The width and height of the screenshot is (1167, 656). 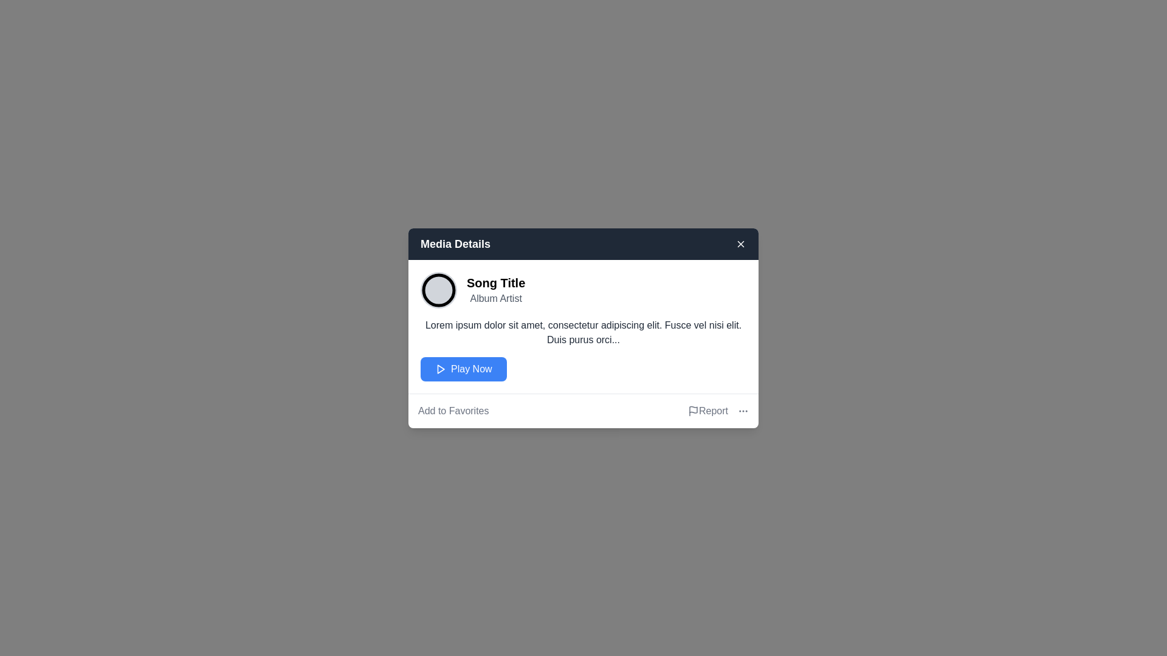 What do you see at coordinates (439, 368) in the screenshot?
I see `the small triangular 'Play' icon located inside the blue button labeled 'Play Now', which is positioned in the middle of the modal beneath the song details` at bounding box center [439, 368].